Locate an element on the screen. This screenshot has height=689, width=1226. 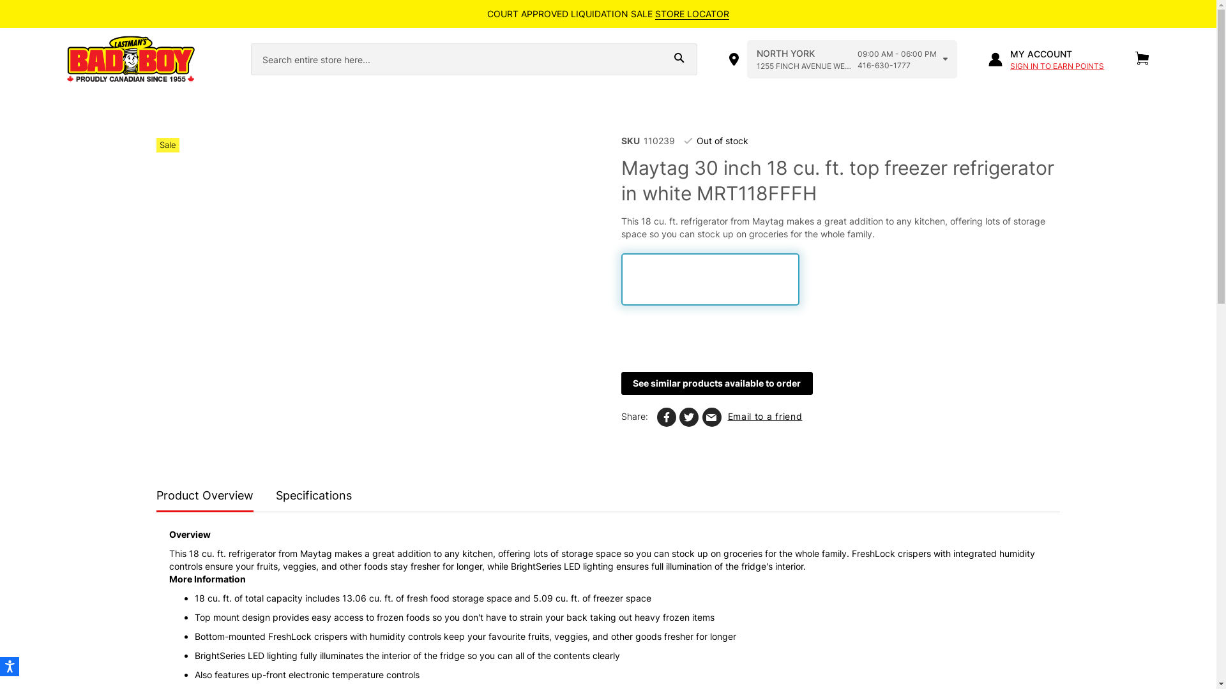
'See similar products available to order' is located at coordinates (716, 383).